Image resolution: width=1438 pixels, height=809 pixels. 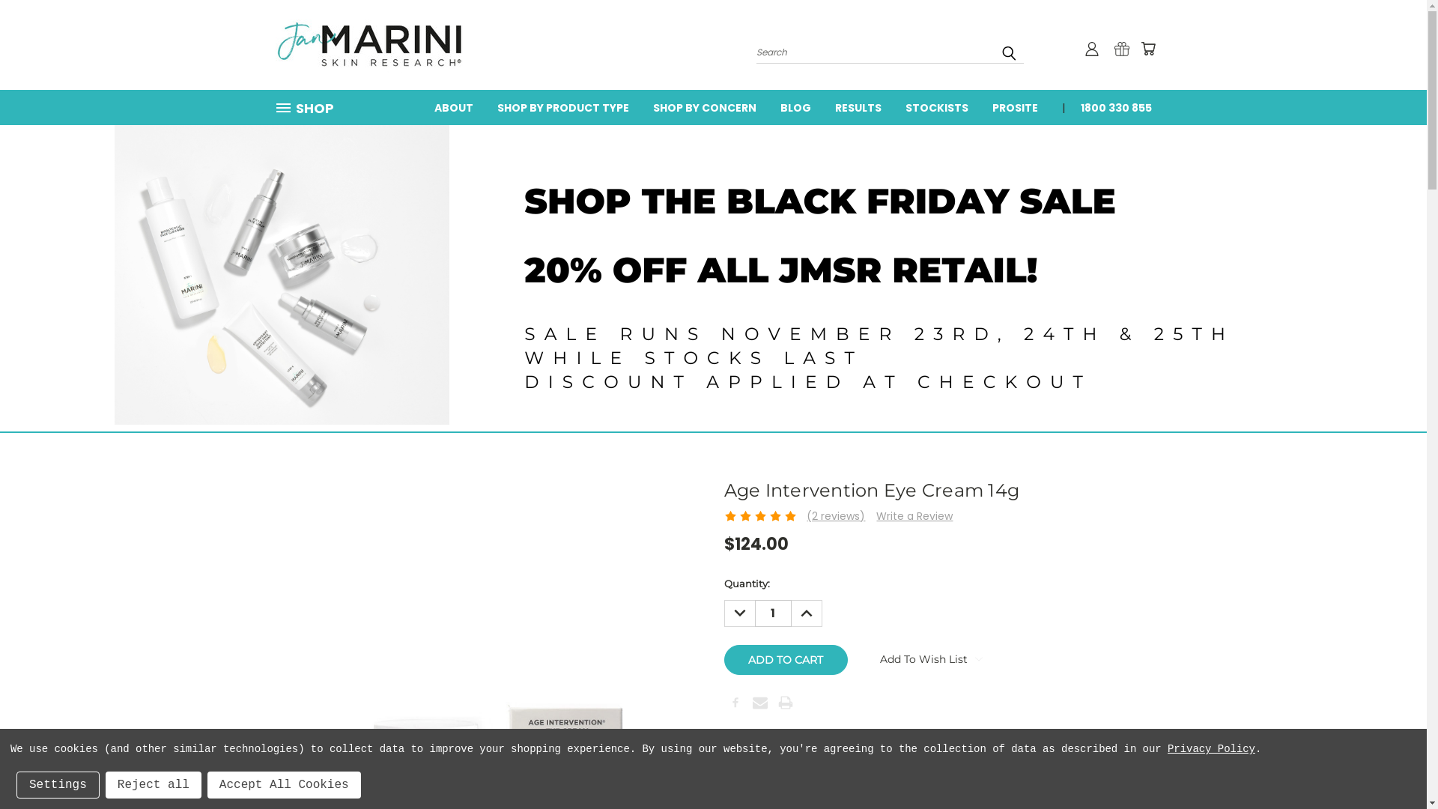 I want to click on 'INCREASE QUANTITY:', so click(x=805, y=613).